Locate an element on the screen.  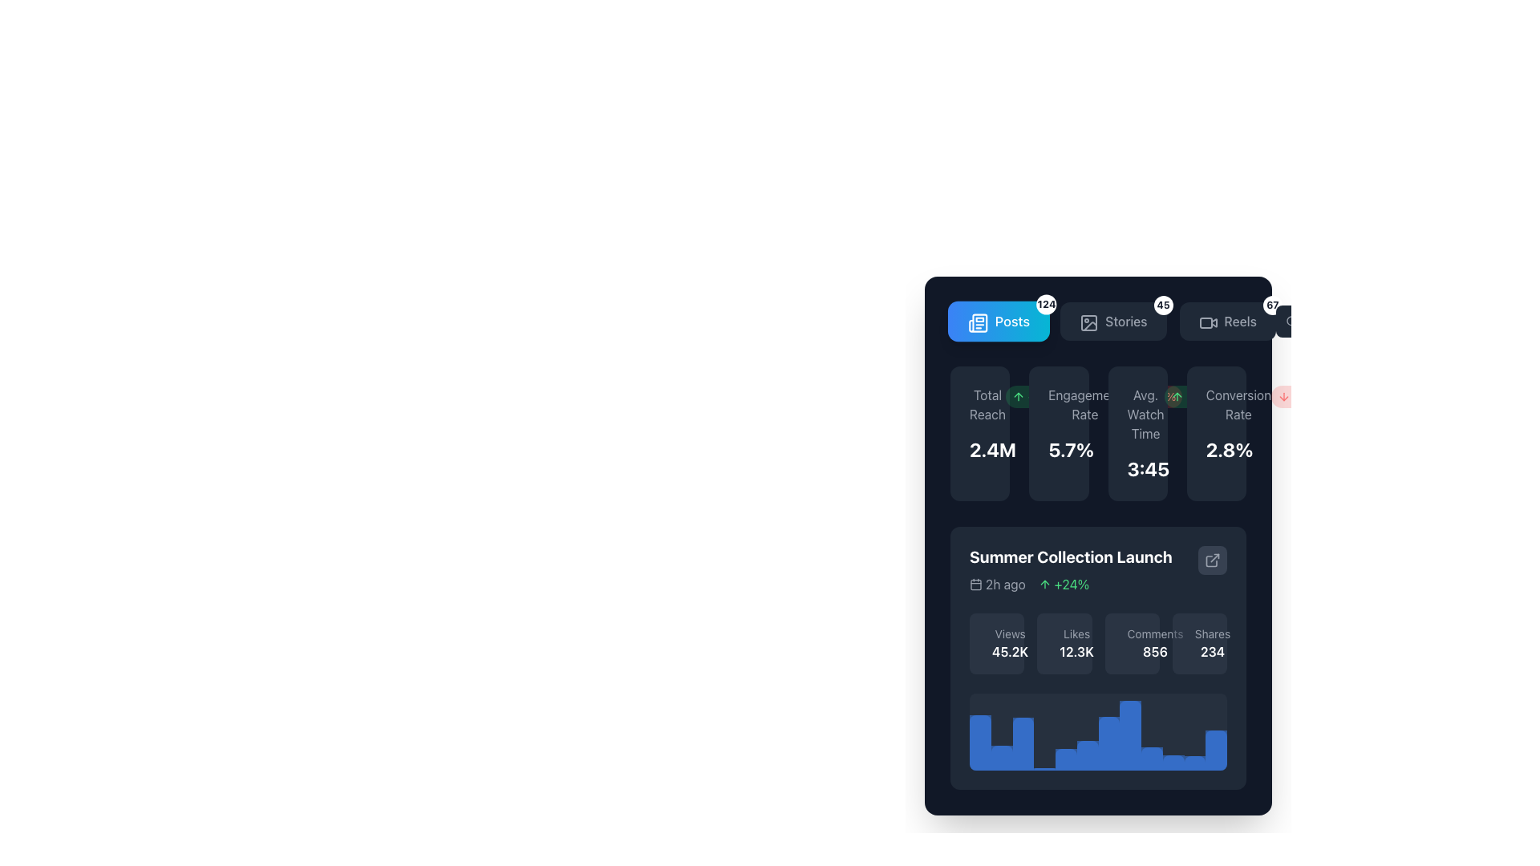
conversion rate value displayed in the text label located at the bottom of the 'Conversion Rate' card is located at coordinates (1216, 449).